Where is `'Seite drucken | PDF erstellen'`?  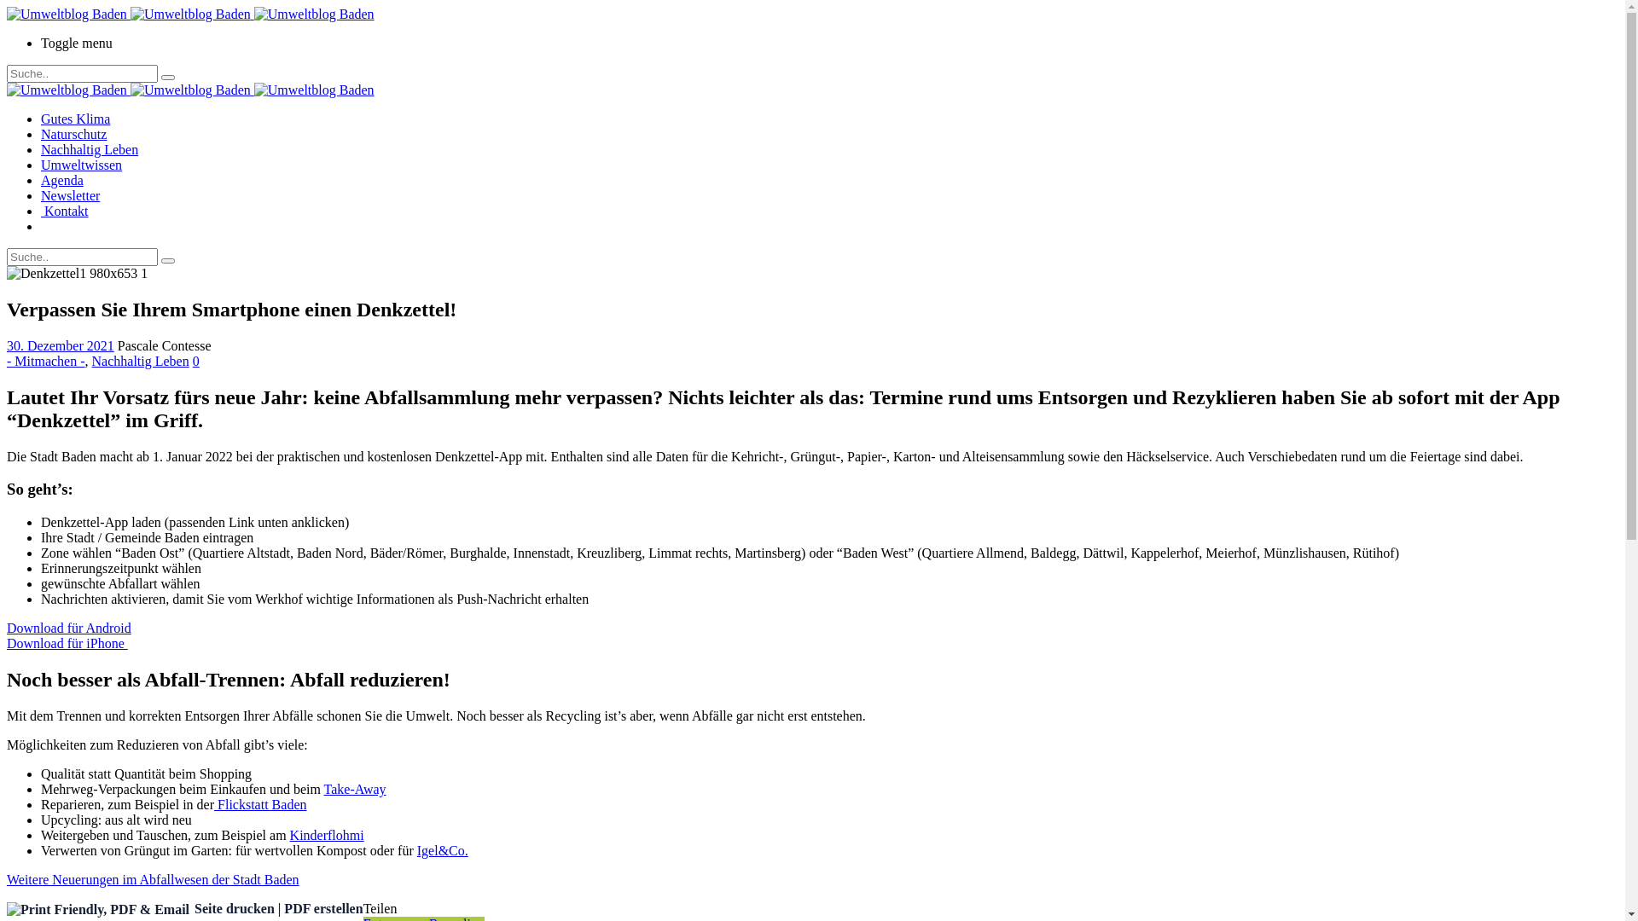
'Seite drucken | PDF erstellen' is located at coordinates (184, 907).